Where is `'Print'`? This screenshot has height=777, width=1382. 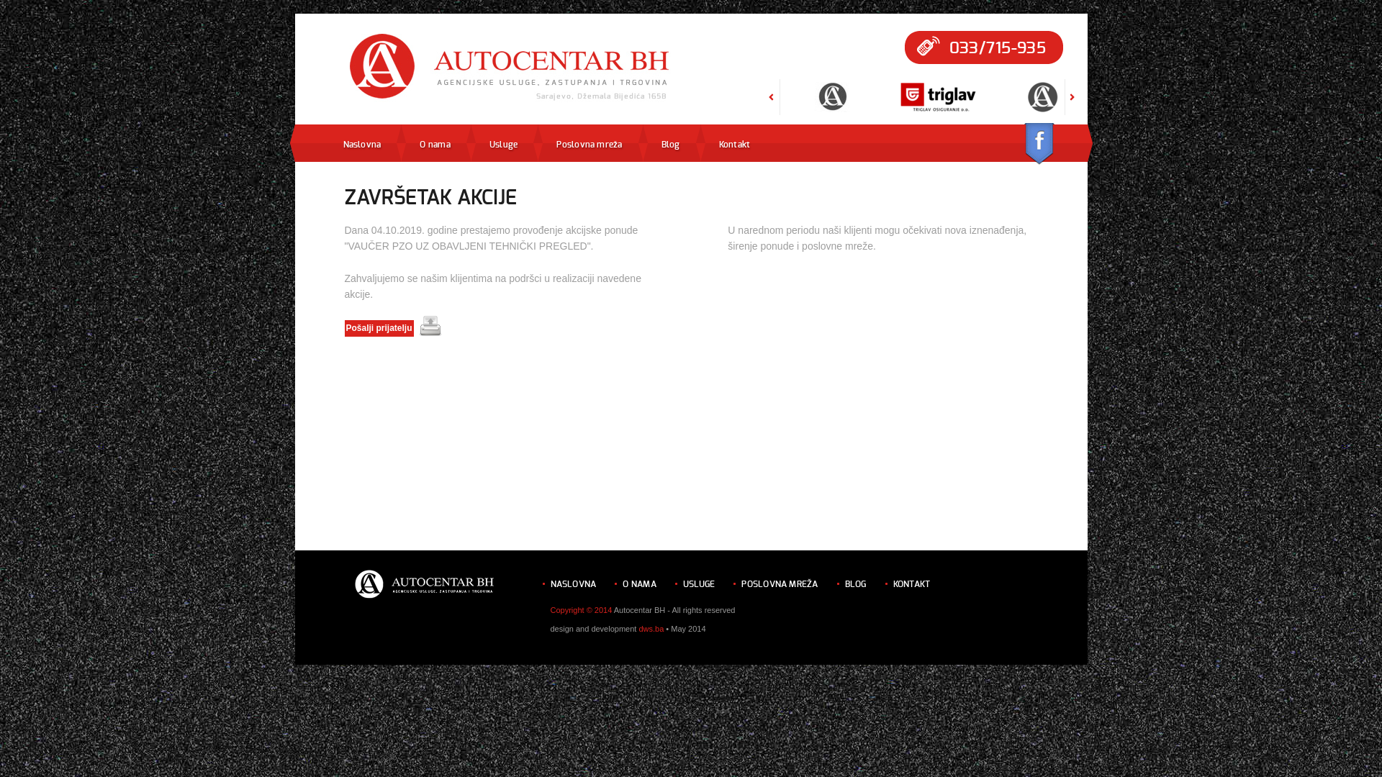
'Print' is located at coordinates (430, 325).